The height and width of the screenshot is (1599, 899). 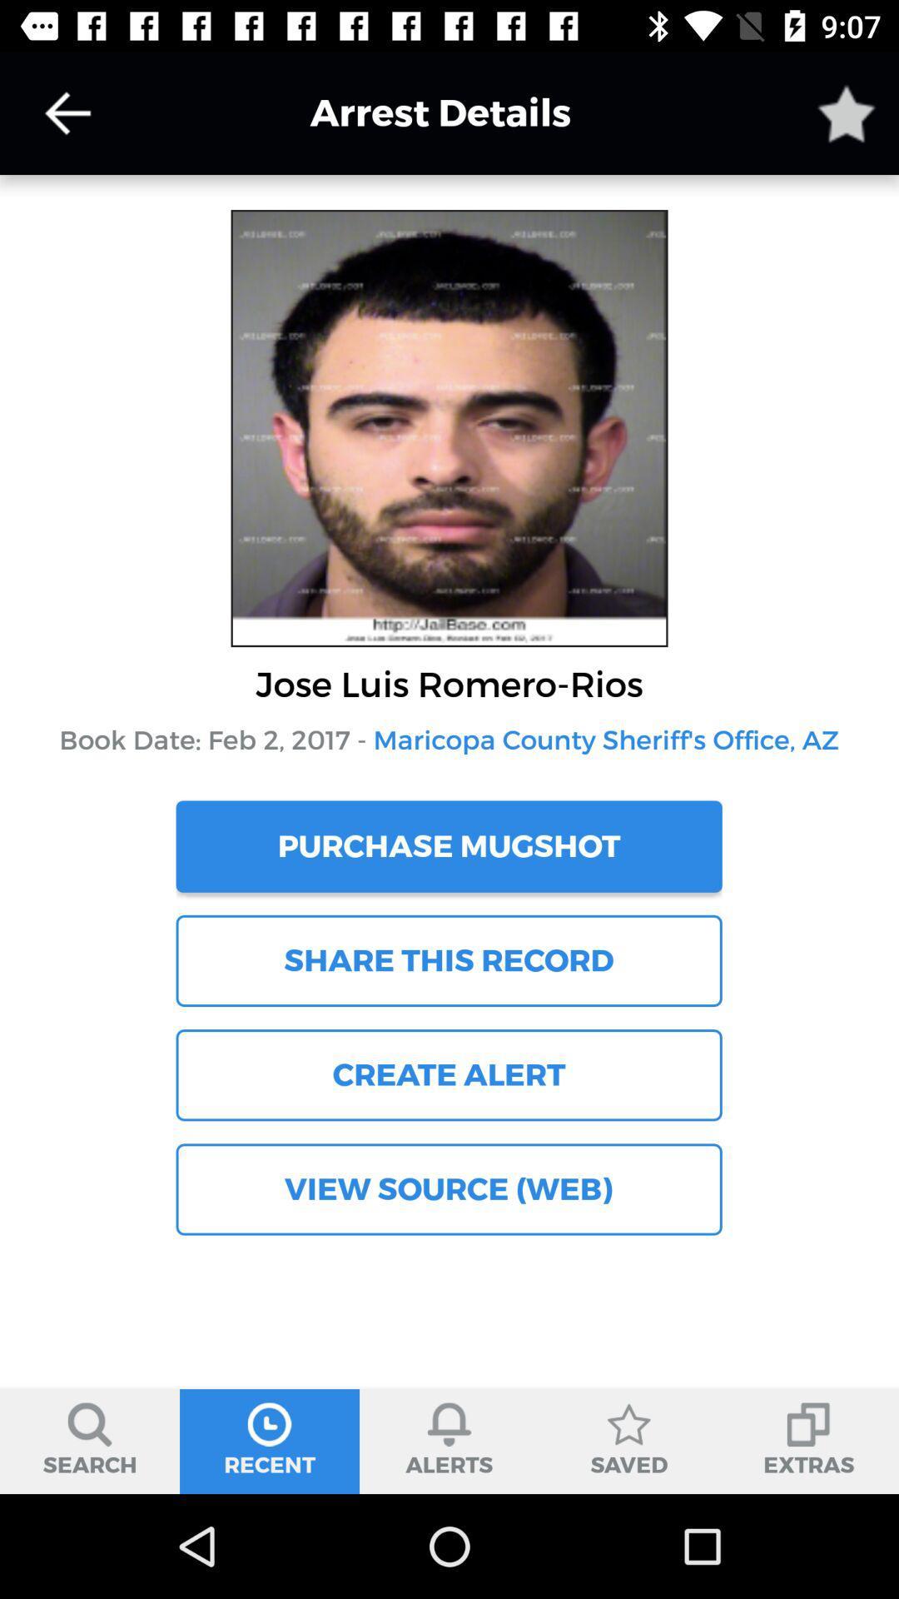 I want to click on previous, so click(x=67, y=112).